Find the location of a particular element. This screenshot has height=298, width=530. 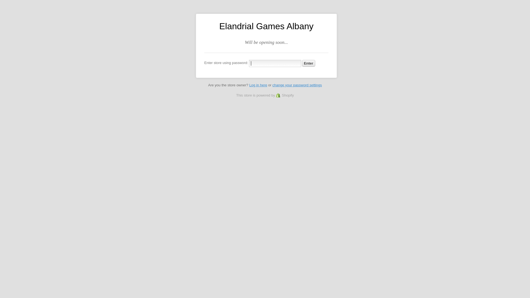

'change your password settings' is located at coordinates (297, 85).